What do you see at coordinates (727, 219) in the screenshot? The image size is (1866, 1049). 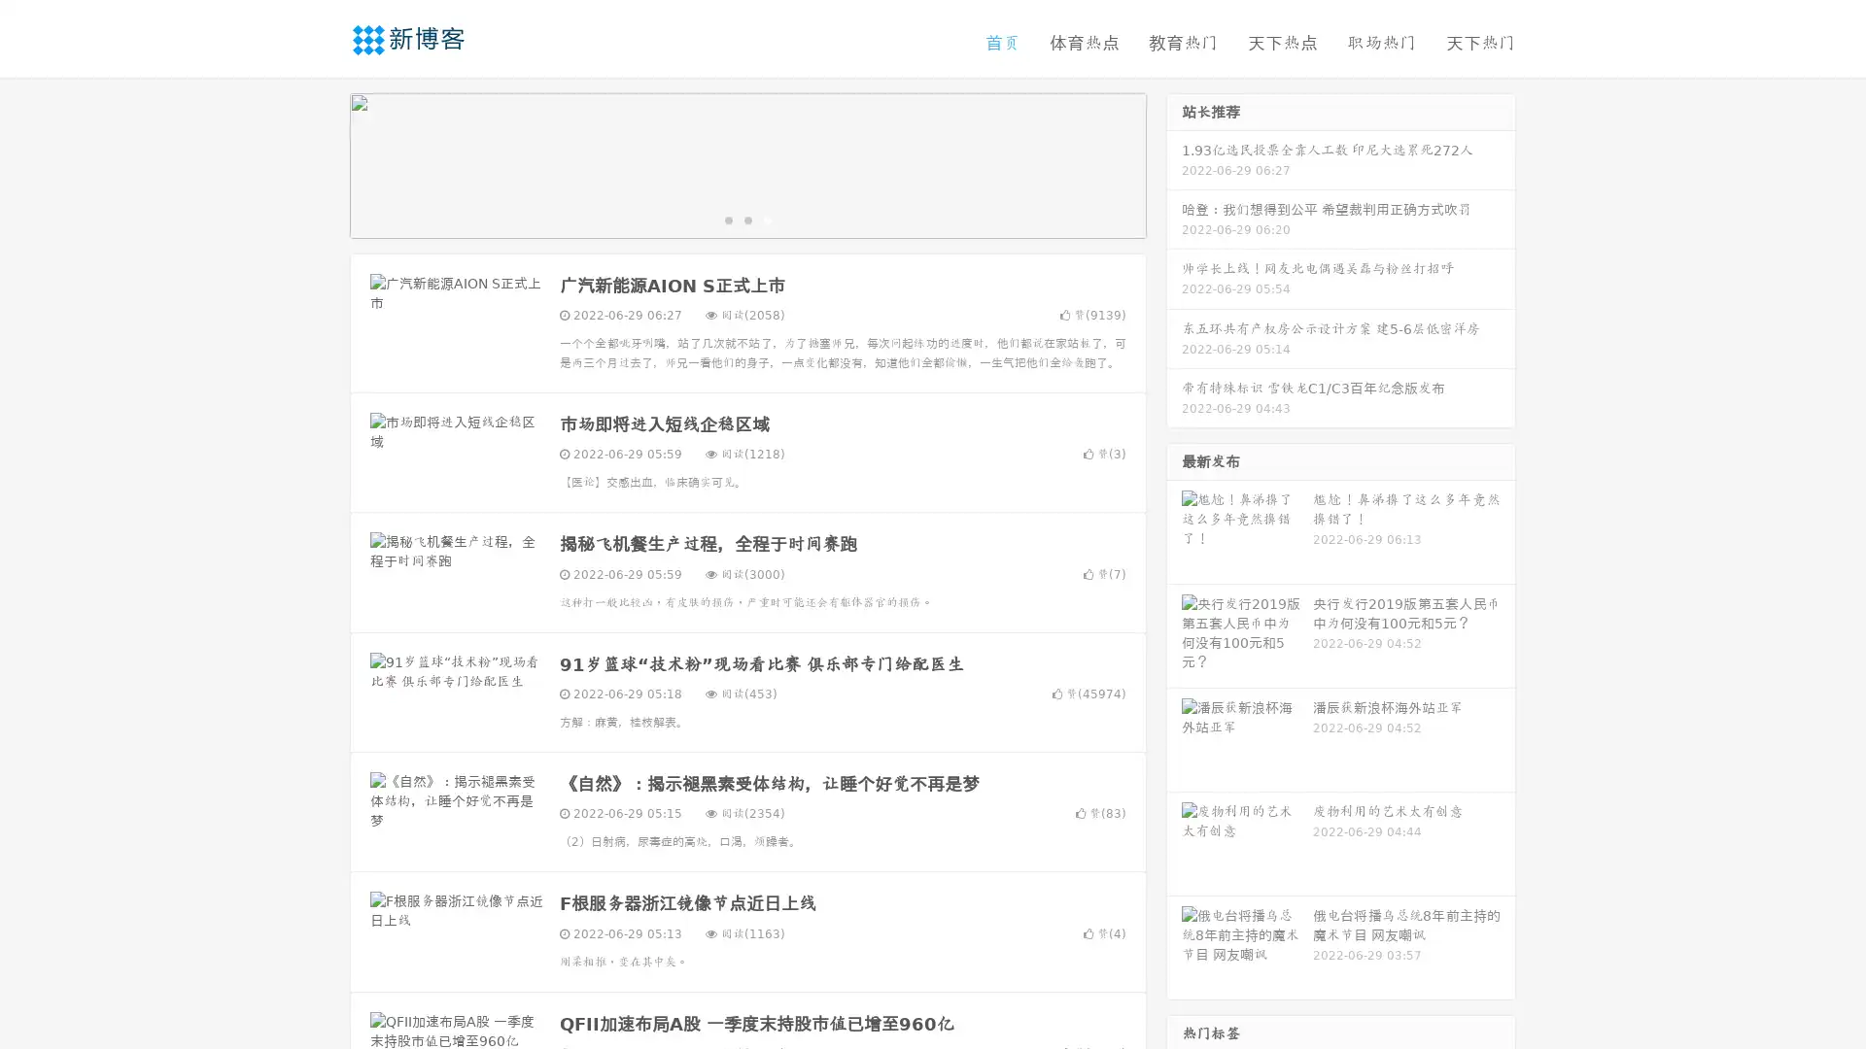 I see `Go to slide 1` at bounding box center [727, 219].